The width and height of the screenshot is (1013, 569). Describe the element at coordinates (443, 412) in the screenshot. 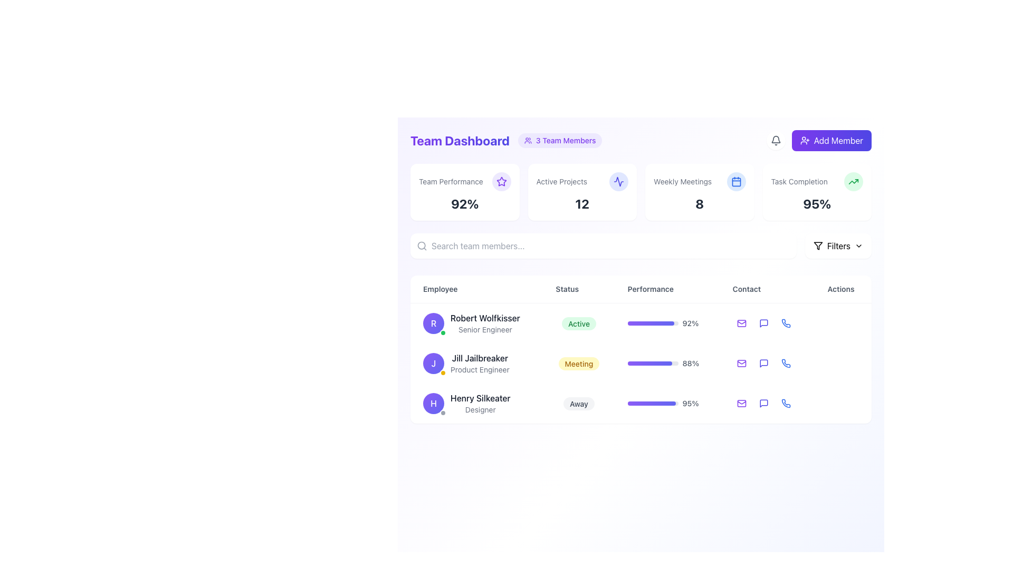

I see `the small circular gray status indicator badge located at the bottom-right corner of the purple circle labeled 'H' in the third row of the 'Employee' list within the 'Team Dashboard'` at that location.